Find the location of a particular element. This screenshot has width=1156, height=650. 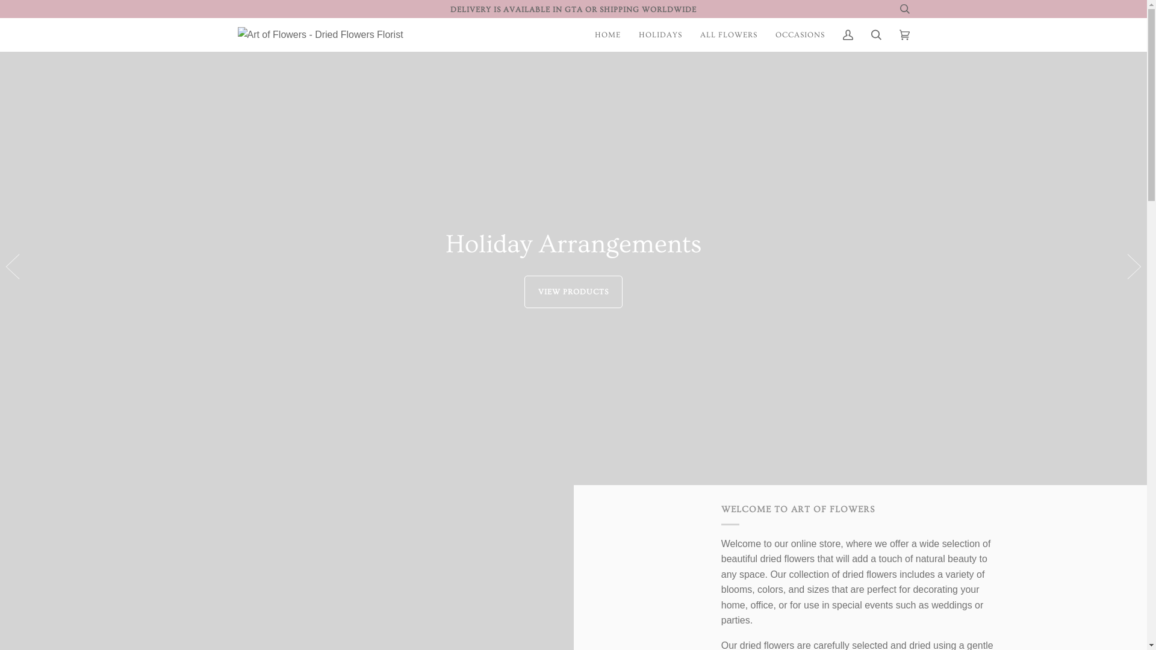

'My Account' is located at coordinates (832, 34).